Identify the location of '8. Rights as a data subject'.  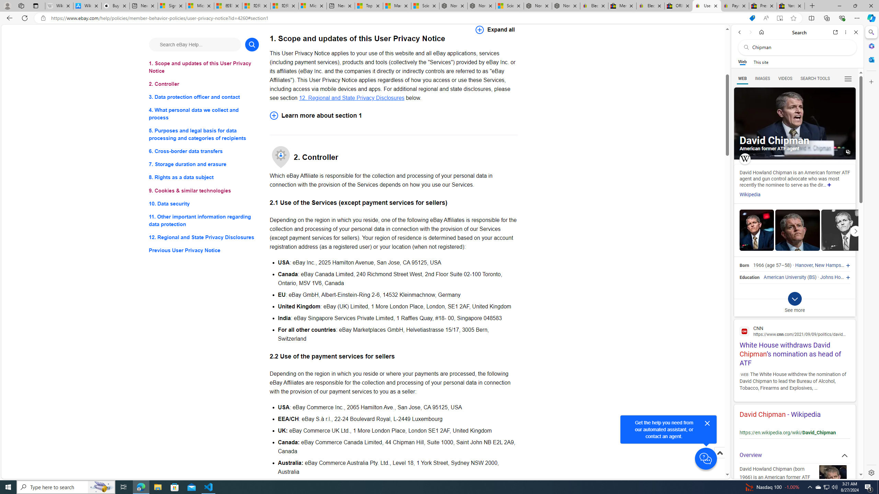
(203, 177).